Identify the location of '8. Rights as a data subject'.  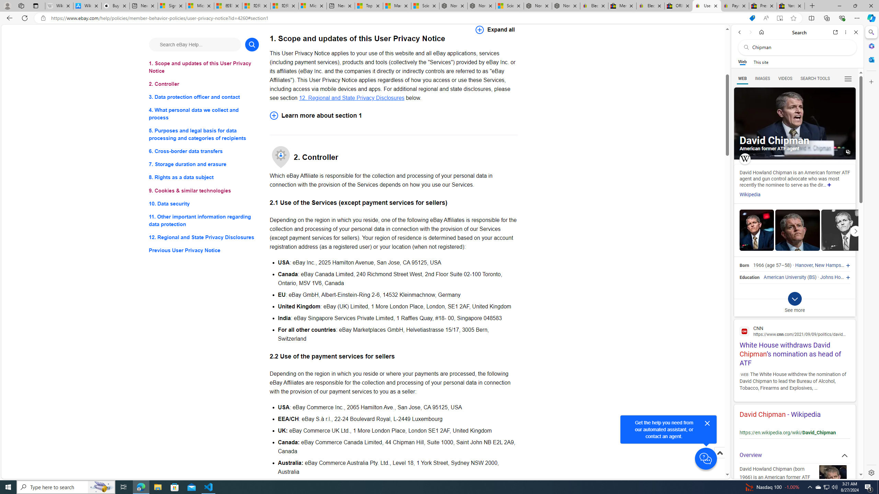
(203, 177).